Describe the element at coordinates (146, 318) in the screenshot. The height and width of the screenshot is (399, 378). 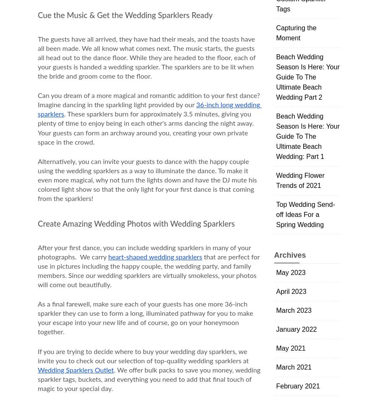
I see `'As a final farewell, make sure each of your guests has one more 36-inch sparkler they can use to form a long, illuminated pathway for you to make your escape into your new life and of course, go on your honeymoon together.'` at that location.